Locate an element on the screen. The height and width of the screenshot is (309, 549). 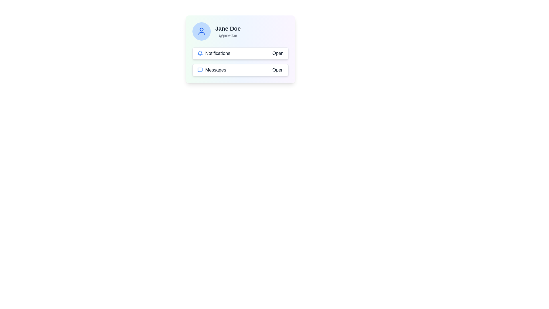
the text label that indicates the purpose of the associated chat bubble icon, located to the left of the 'Open' button within the 'MessagesOpen' group is located at coordinates (211, 70).